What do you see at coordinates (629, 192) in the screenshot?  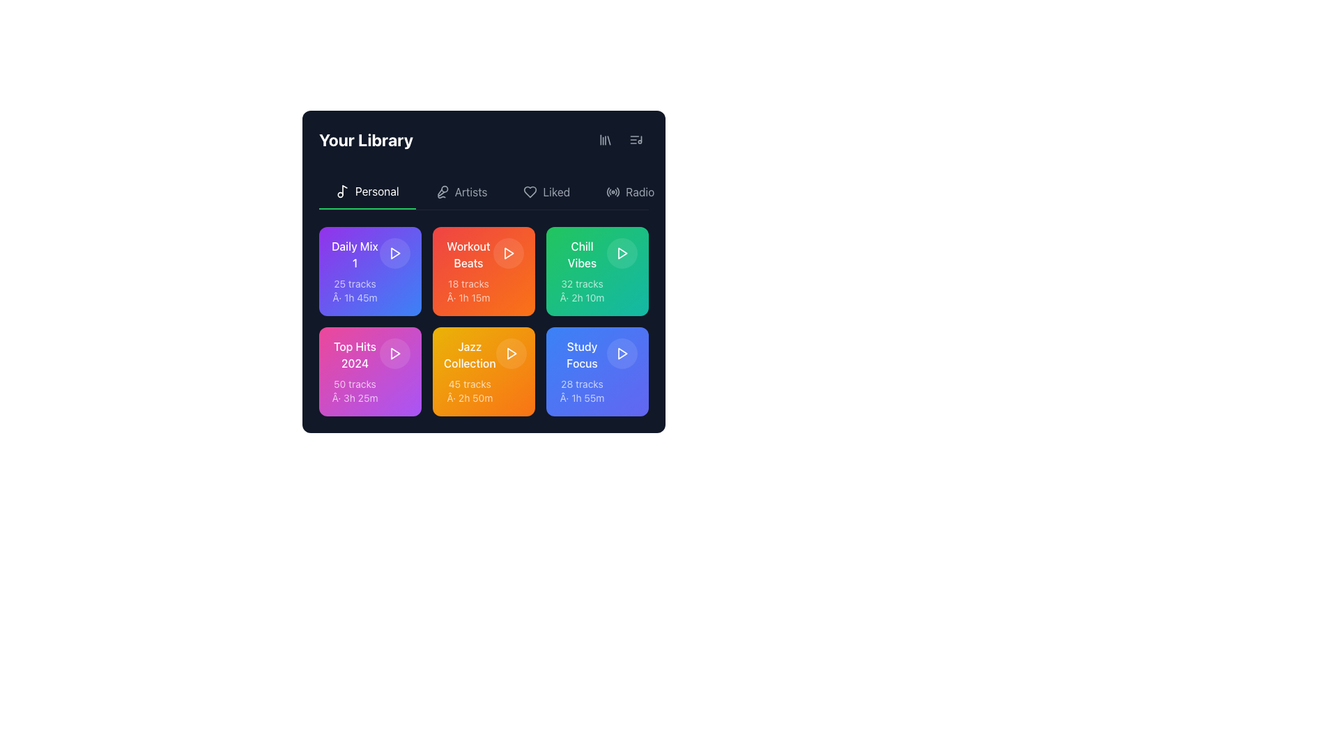 I see `the 'Radio' button, which is the fifth tab in the 'Your Library' section` at bounding box center [629, 192].